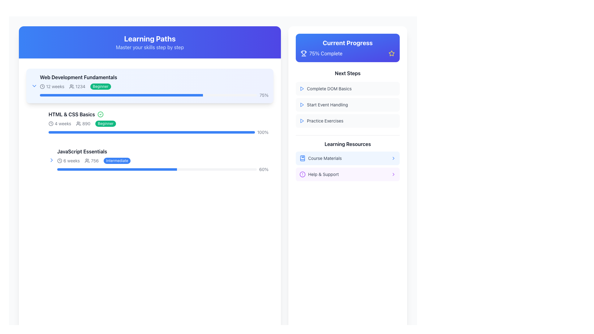 This screenshot has width=594, height=334. Describe the element at coordinates (82, 151) in the screenshot. I see `the text label displaying 'JavaScript Essentials' in bold black font within the 'Learning Paths' section of the application` at that location.